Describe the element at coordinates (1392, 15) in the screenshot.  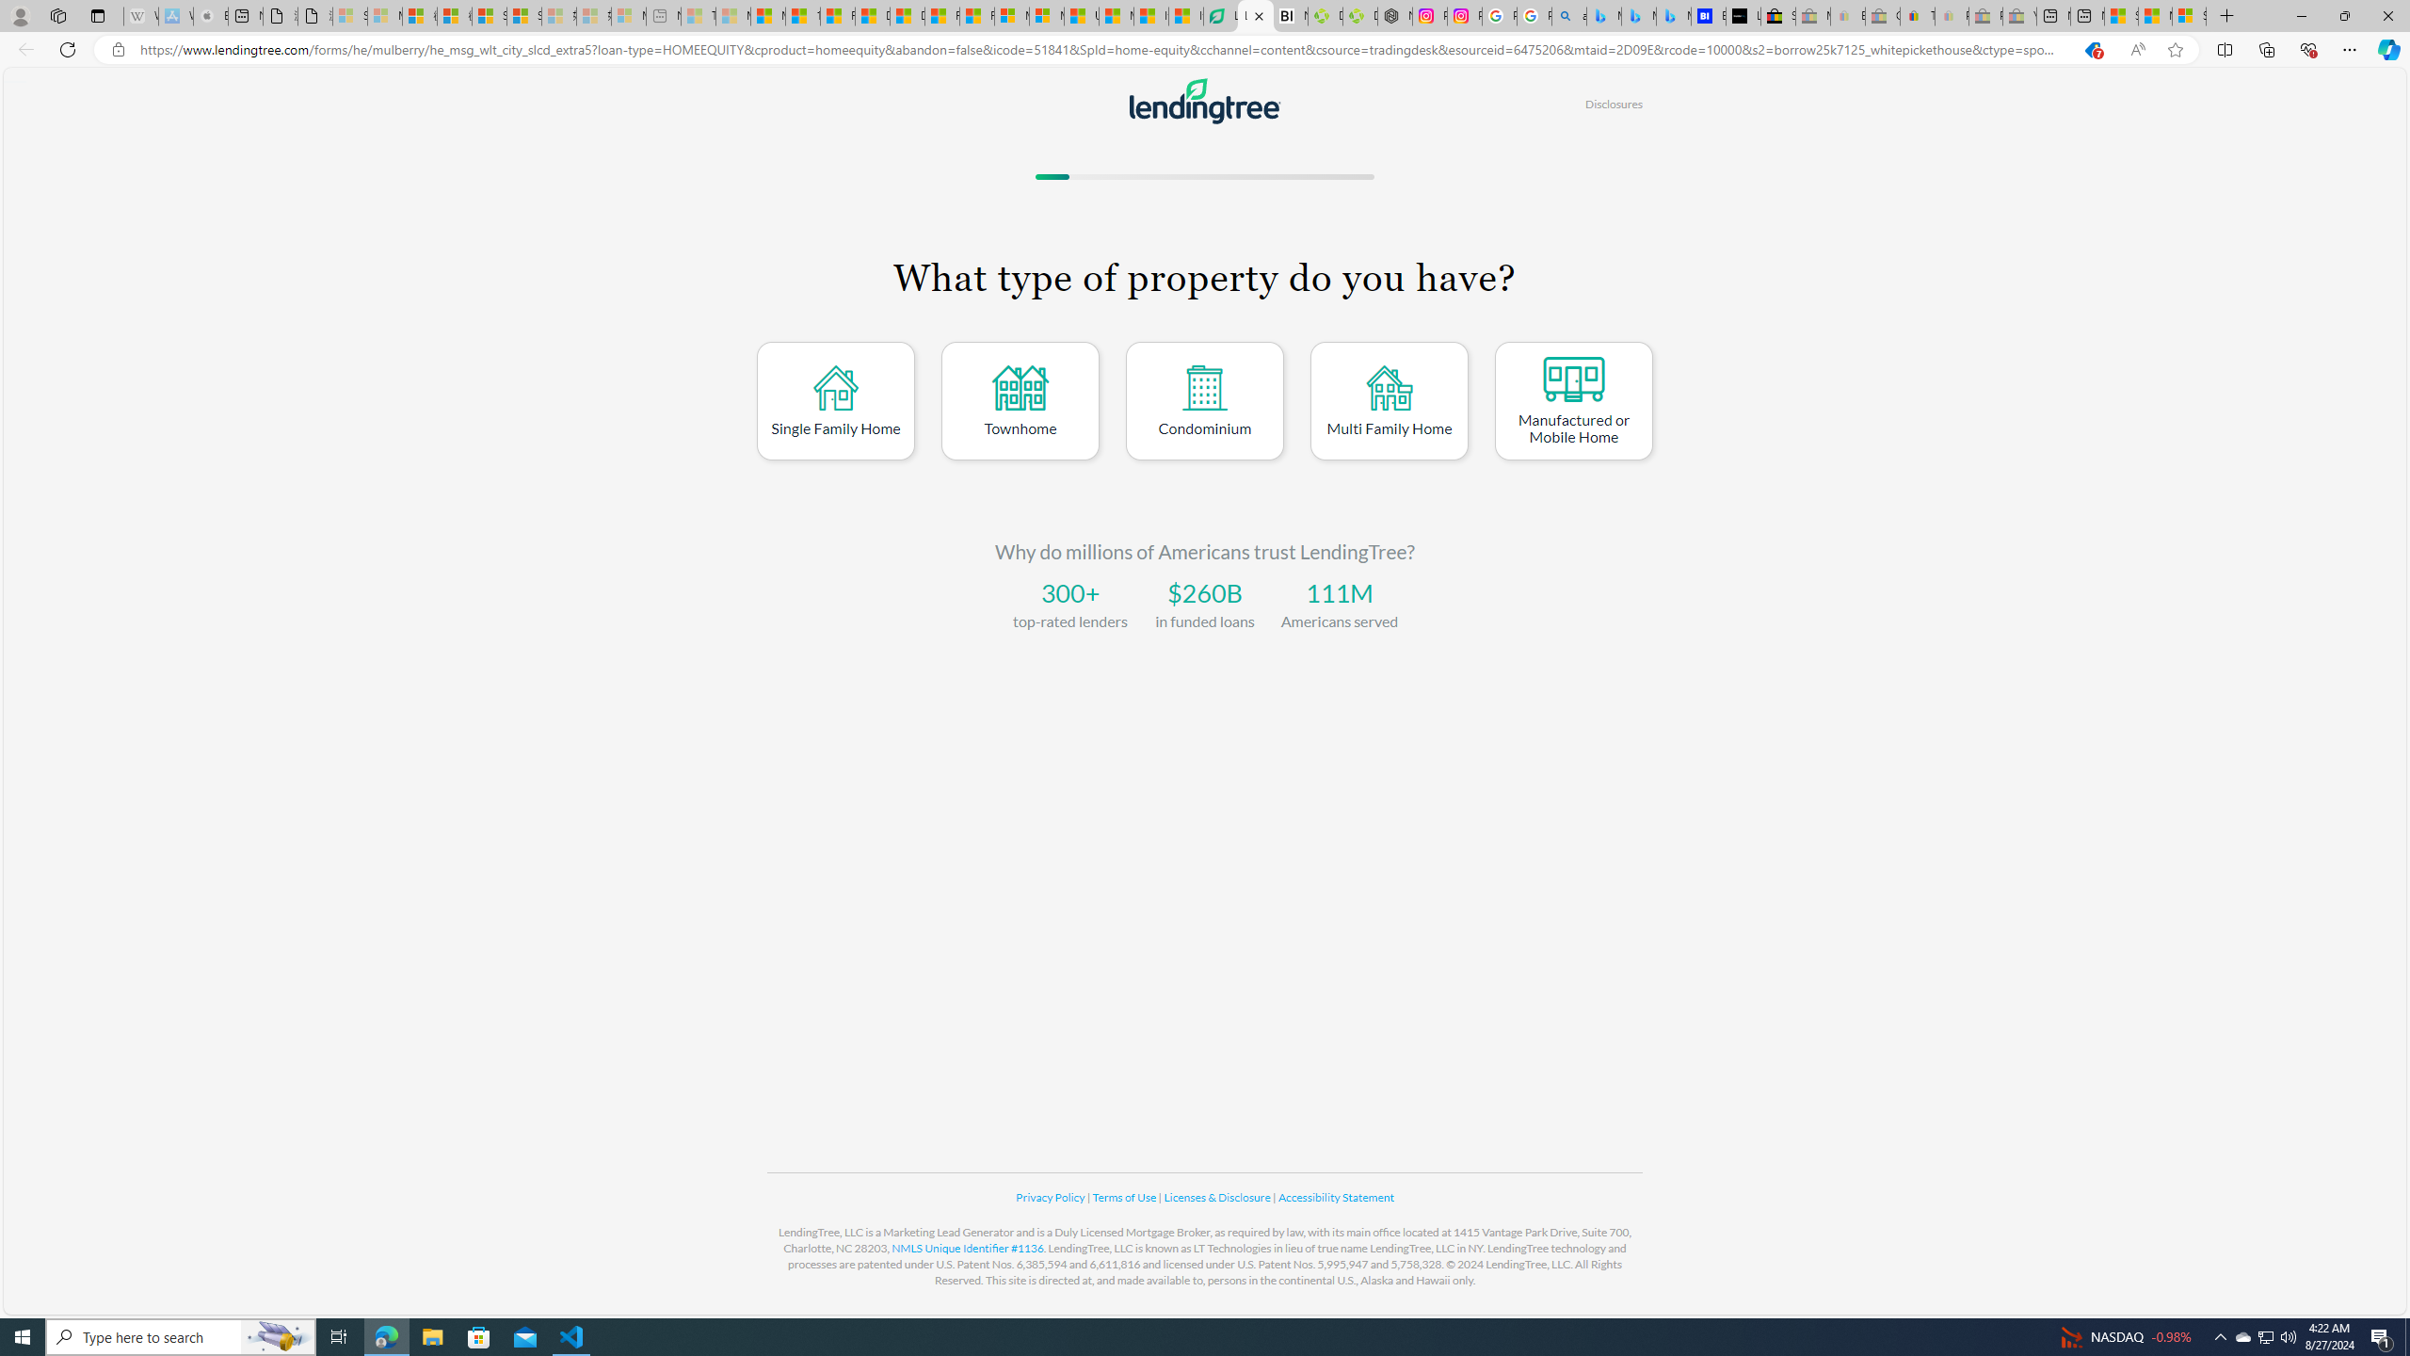
I see `'Nordace - Nordace Edin Collection'` at that location.